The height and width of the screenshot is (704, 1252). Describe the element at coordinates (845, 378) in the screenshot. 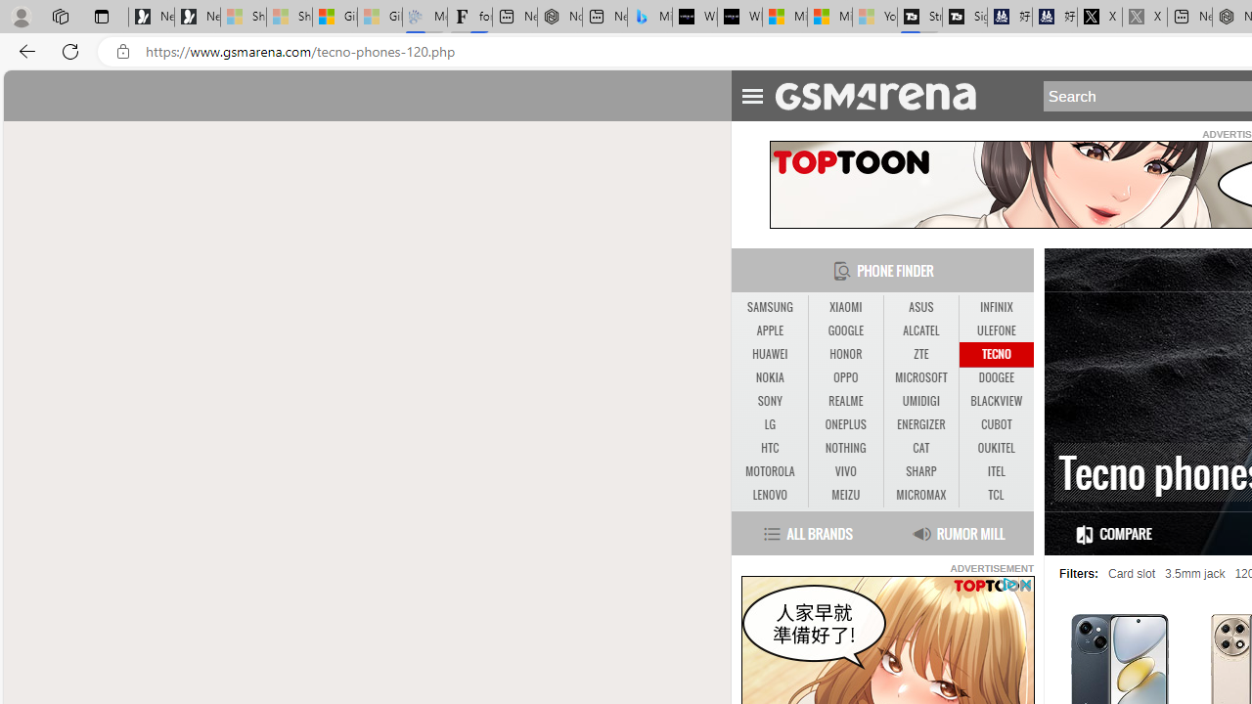

I see `'OPPO'` at that location.